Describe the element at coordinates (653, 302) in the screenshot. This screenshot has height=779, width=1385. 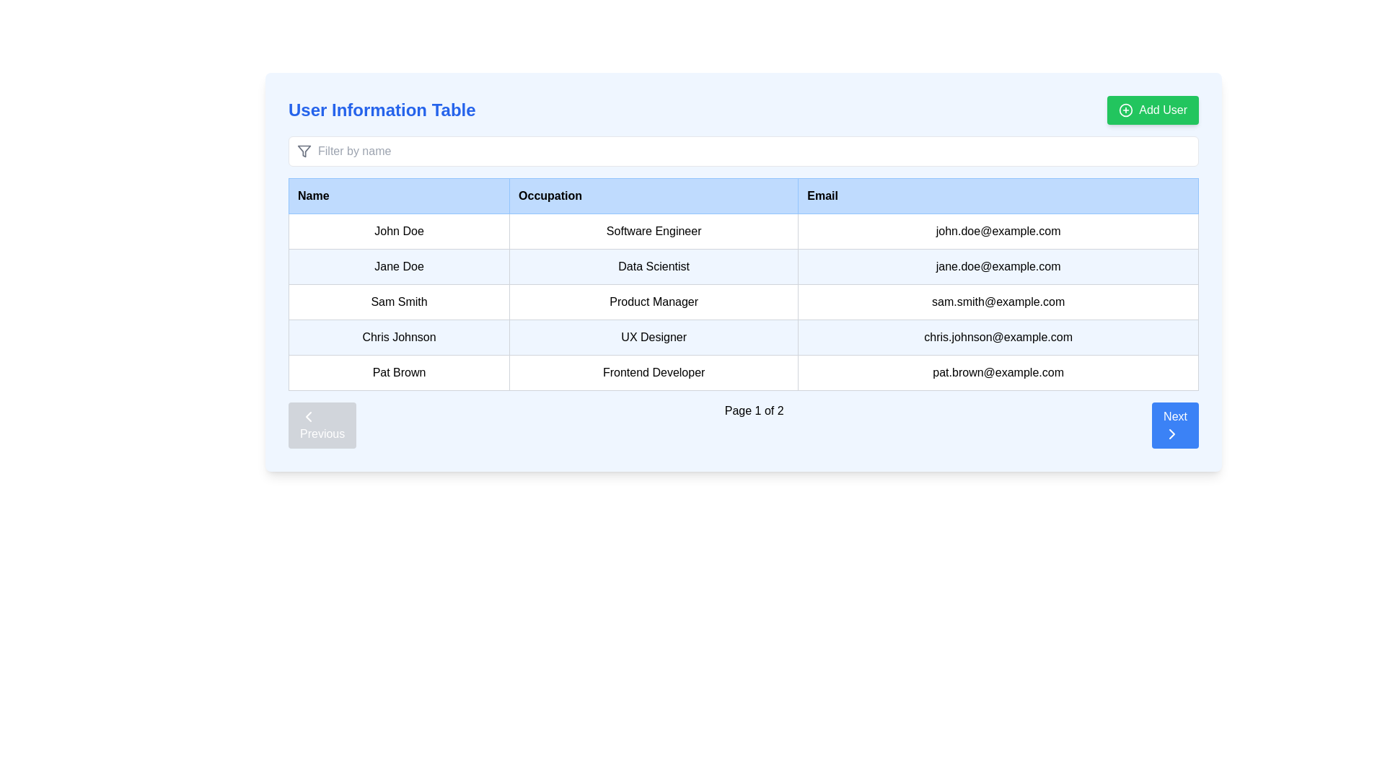
I see `the text display box that shows 'Product Manager' for user 'Sam Smith' in the Occupation column of the table` at that location.